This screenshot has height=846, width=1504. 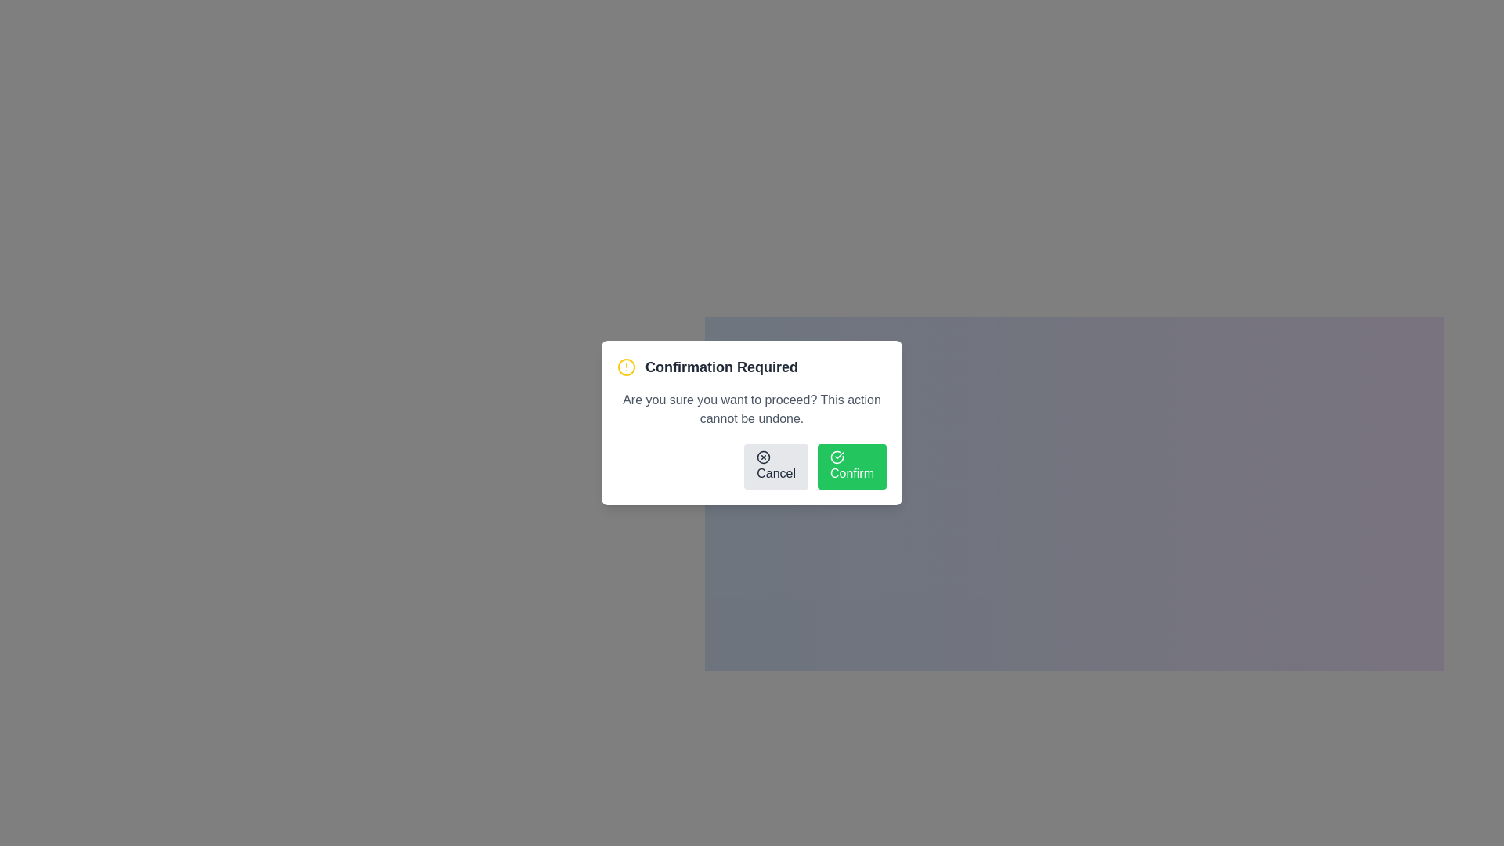 I want to click on the SVG circle graphic with a yellow fill and alert icon stroke, located near the text heading 'Confirmation Required', so click(x=627, y=367).